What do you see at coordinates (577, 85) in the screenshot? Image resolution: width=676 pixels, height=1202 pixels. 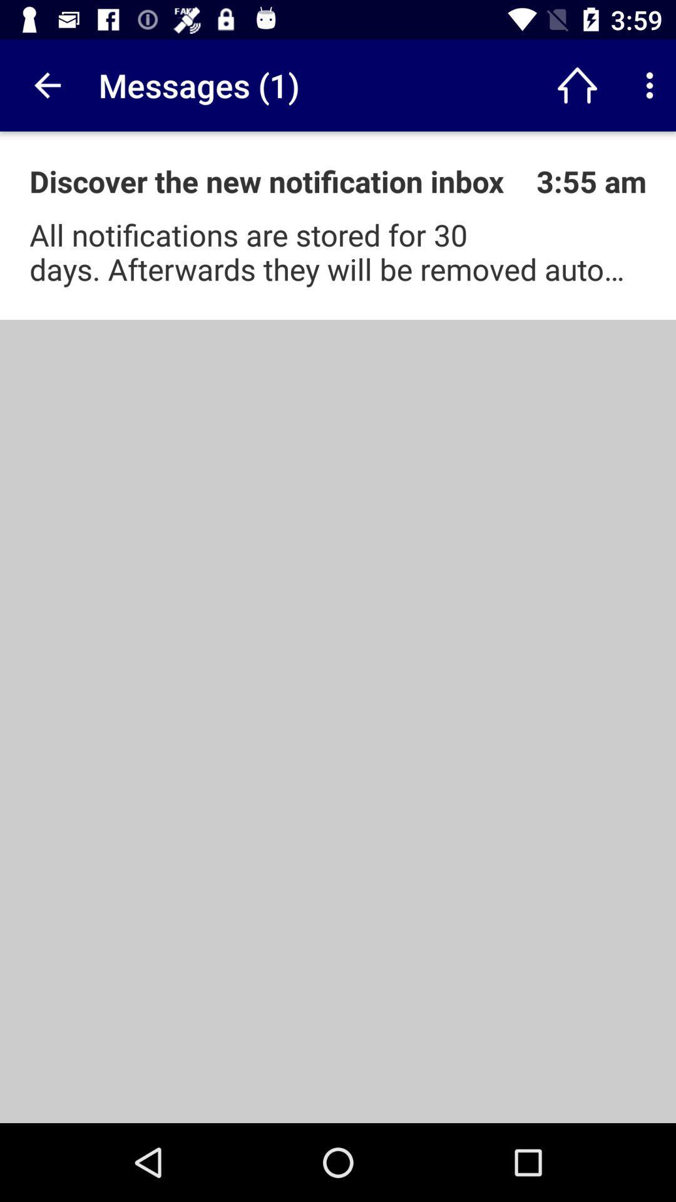 I see `app to the right of the messages (1) icon` at bounding box center [577, 85].